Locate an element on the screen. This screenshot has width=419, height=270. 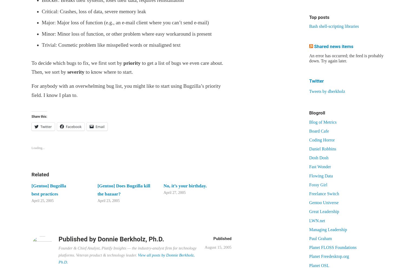
'Blogroll' is located at coordinates (308, 113).